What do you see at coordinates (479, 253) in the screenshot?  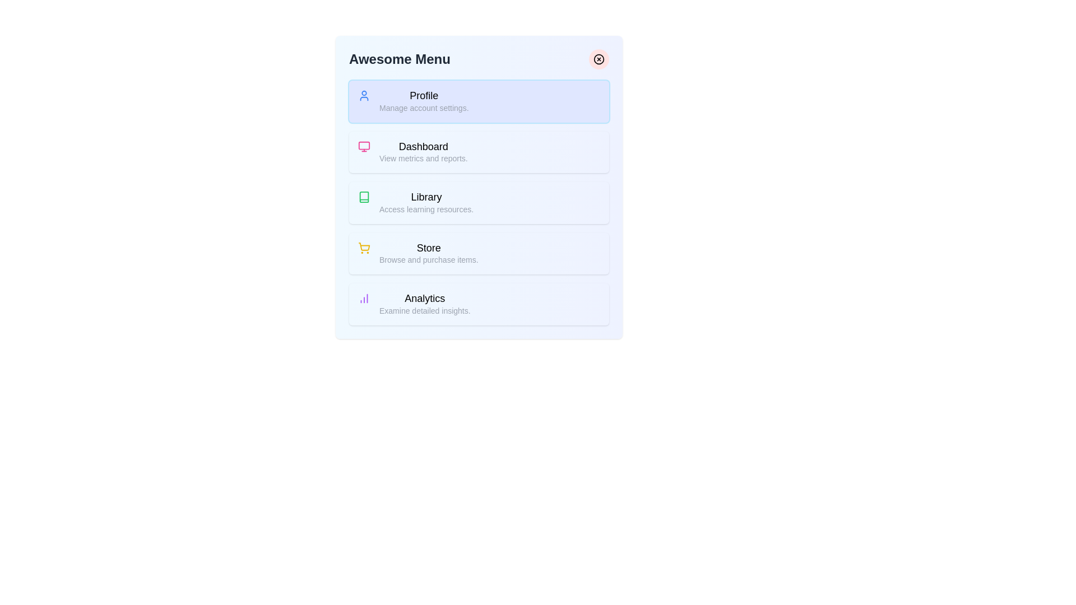 I see `the menu item labeled Store` at bounding box center [479, 253].